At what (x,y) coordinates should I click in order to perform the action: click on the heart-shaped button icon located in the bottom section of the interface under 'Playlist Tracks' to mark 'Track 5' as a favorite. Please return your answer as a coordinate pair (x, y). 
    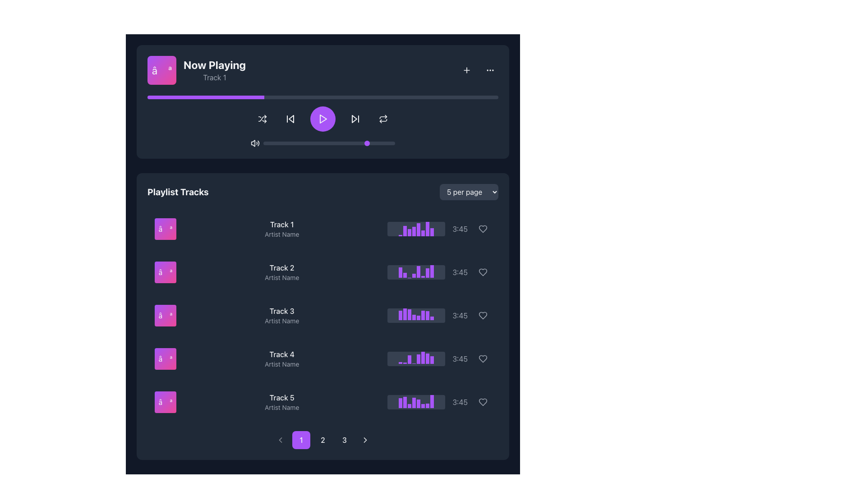
    Looking at the image, I should click on (482, 401).